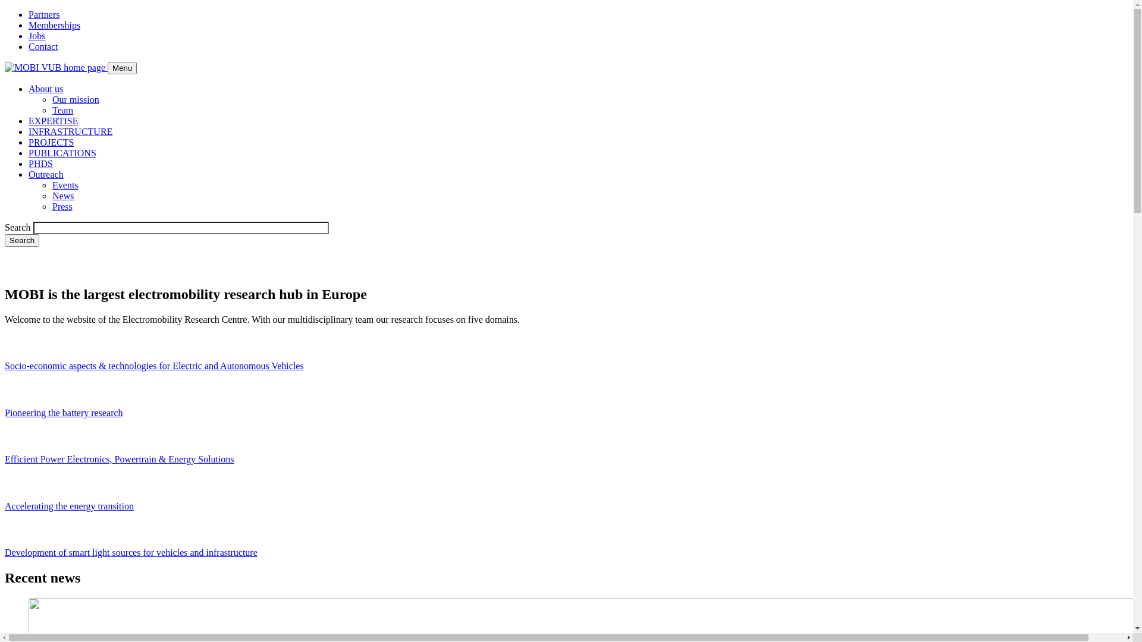  I want to click on 'EXPERTISE', so click(52, 121).